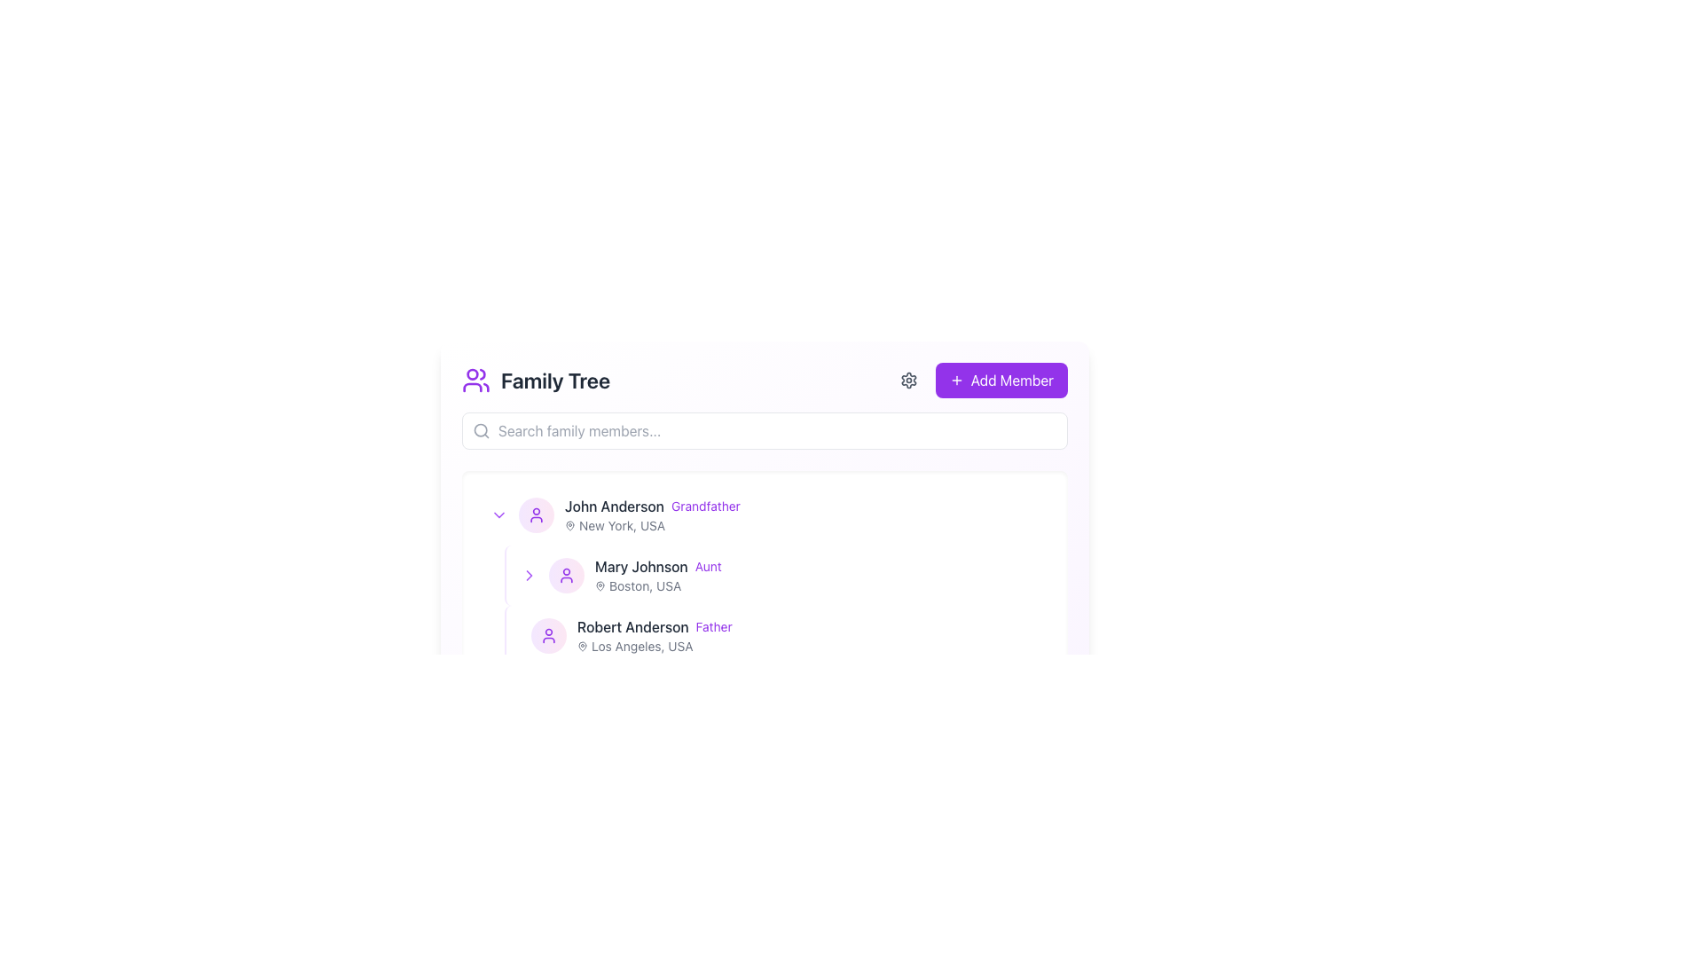 This screenshot has height=958, width=1703. I want to click on the second right-pointing chevron icon styled in purple, located beside the name 'Mary Johnson' in the family tree interface, so click(528, 575).